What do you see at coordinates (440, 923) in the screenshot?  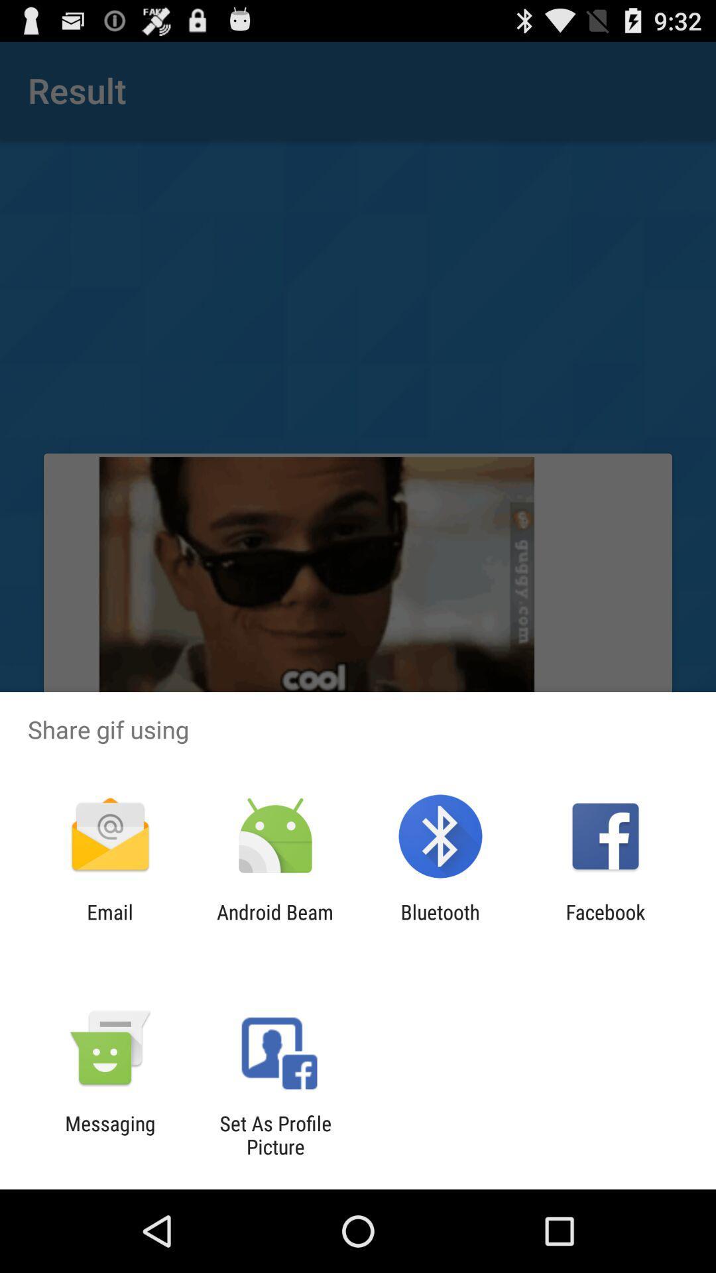 I see `bluetooth item` at bounding box center [440, 923].